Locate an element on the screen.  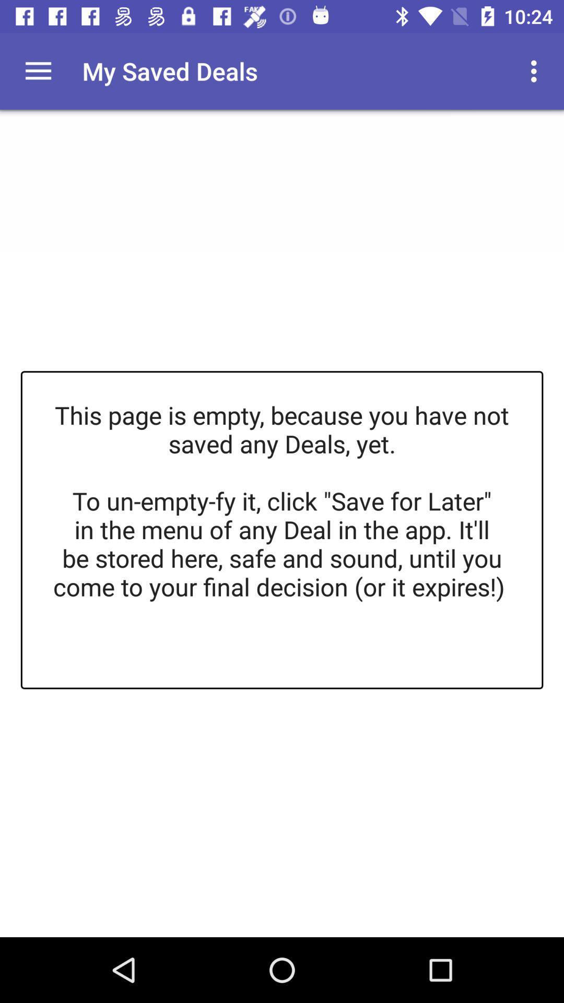
more options list is located at coordinates (38, 71).